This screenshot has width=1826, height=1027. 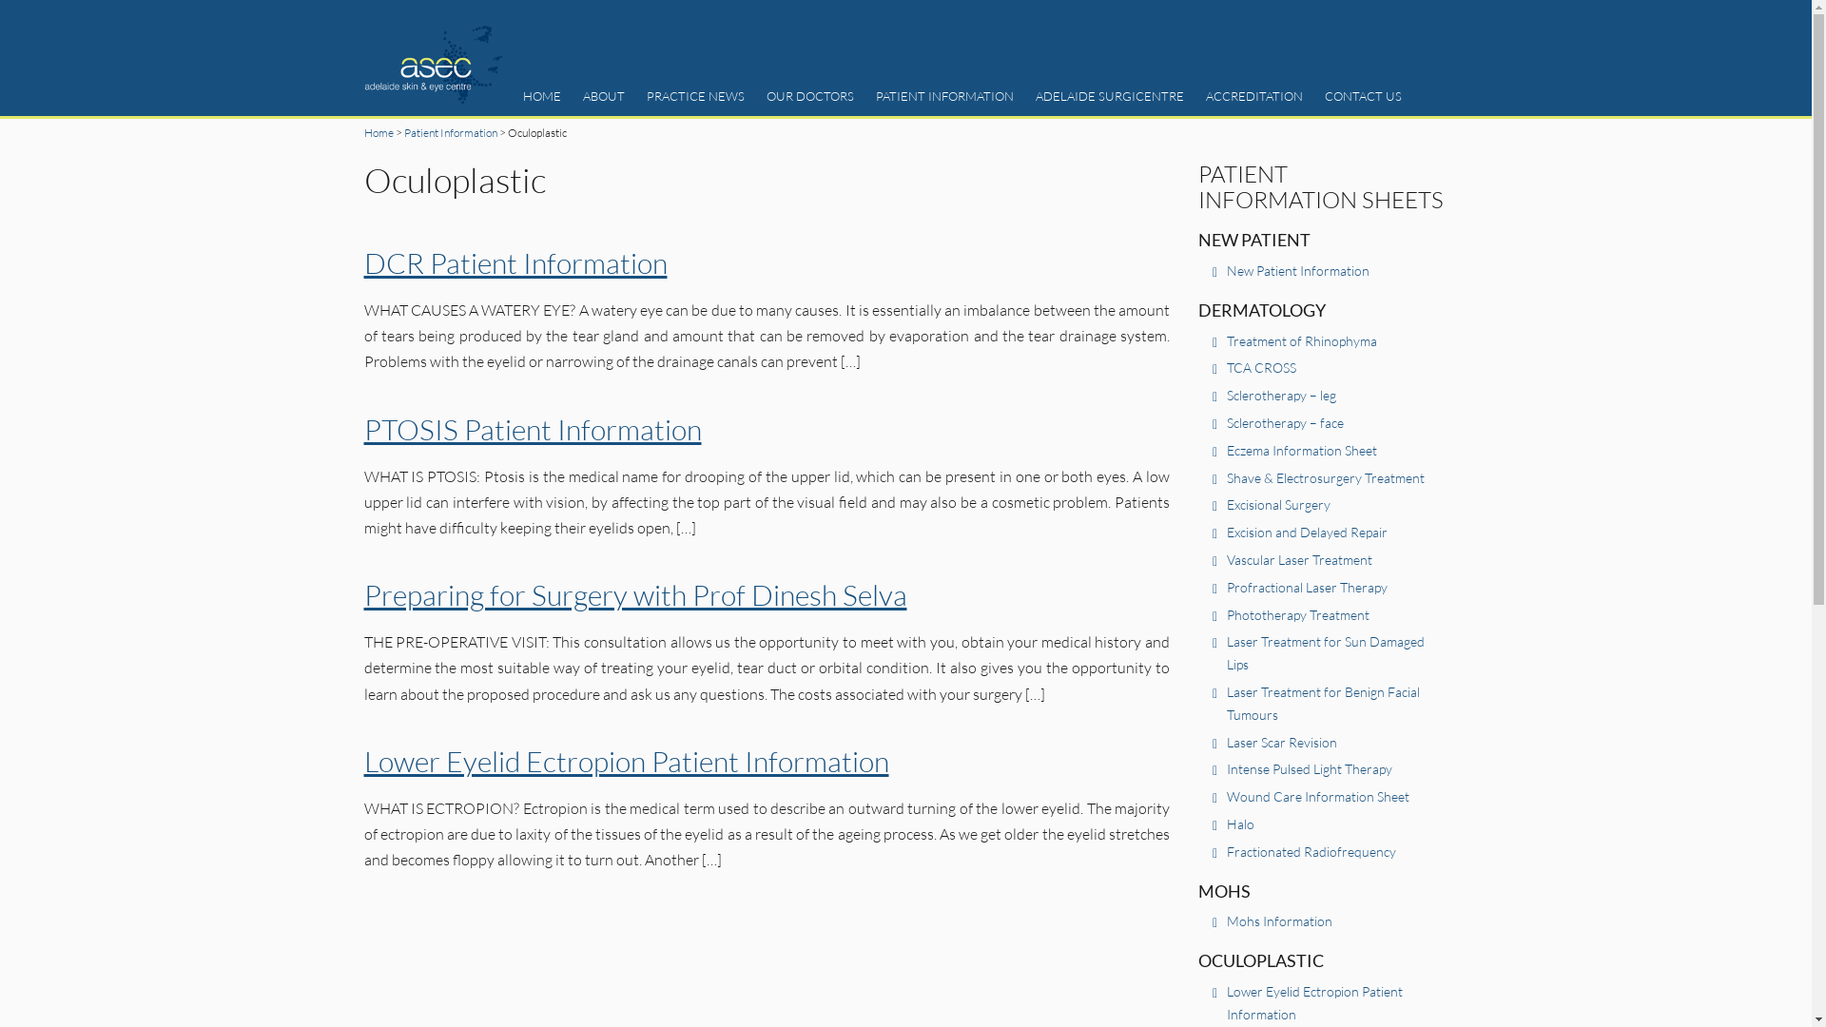 I want to click on 'Excisional Surgery', so click(x=1227, y=503).